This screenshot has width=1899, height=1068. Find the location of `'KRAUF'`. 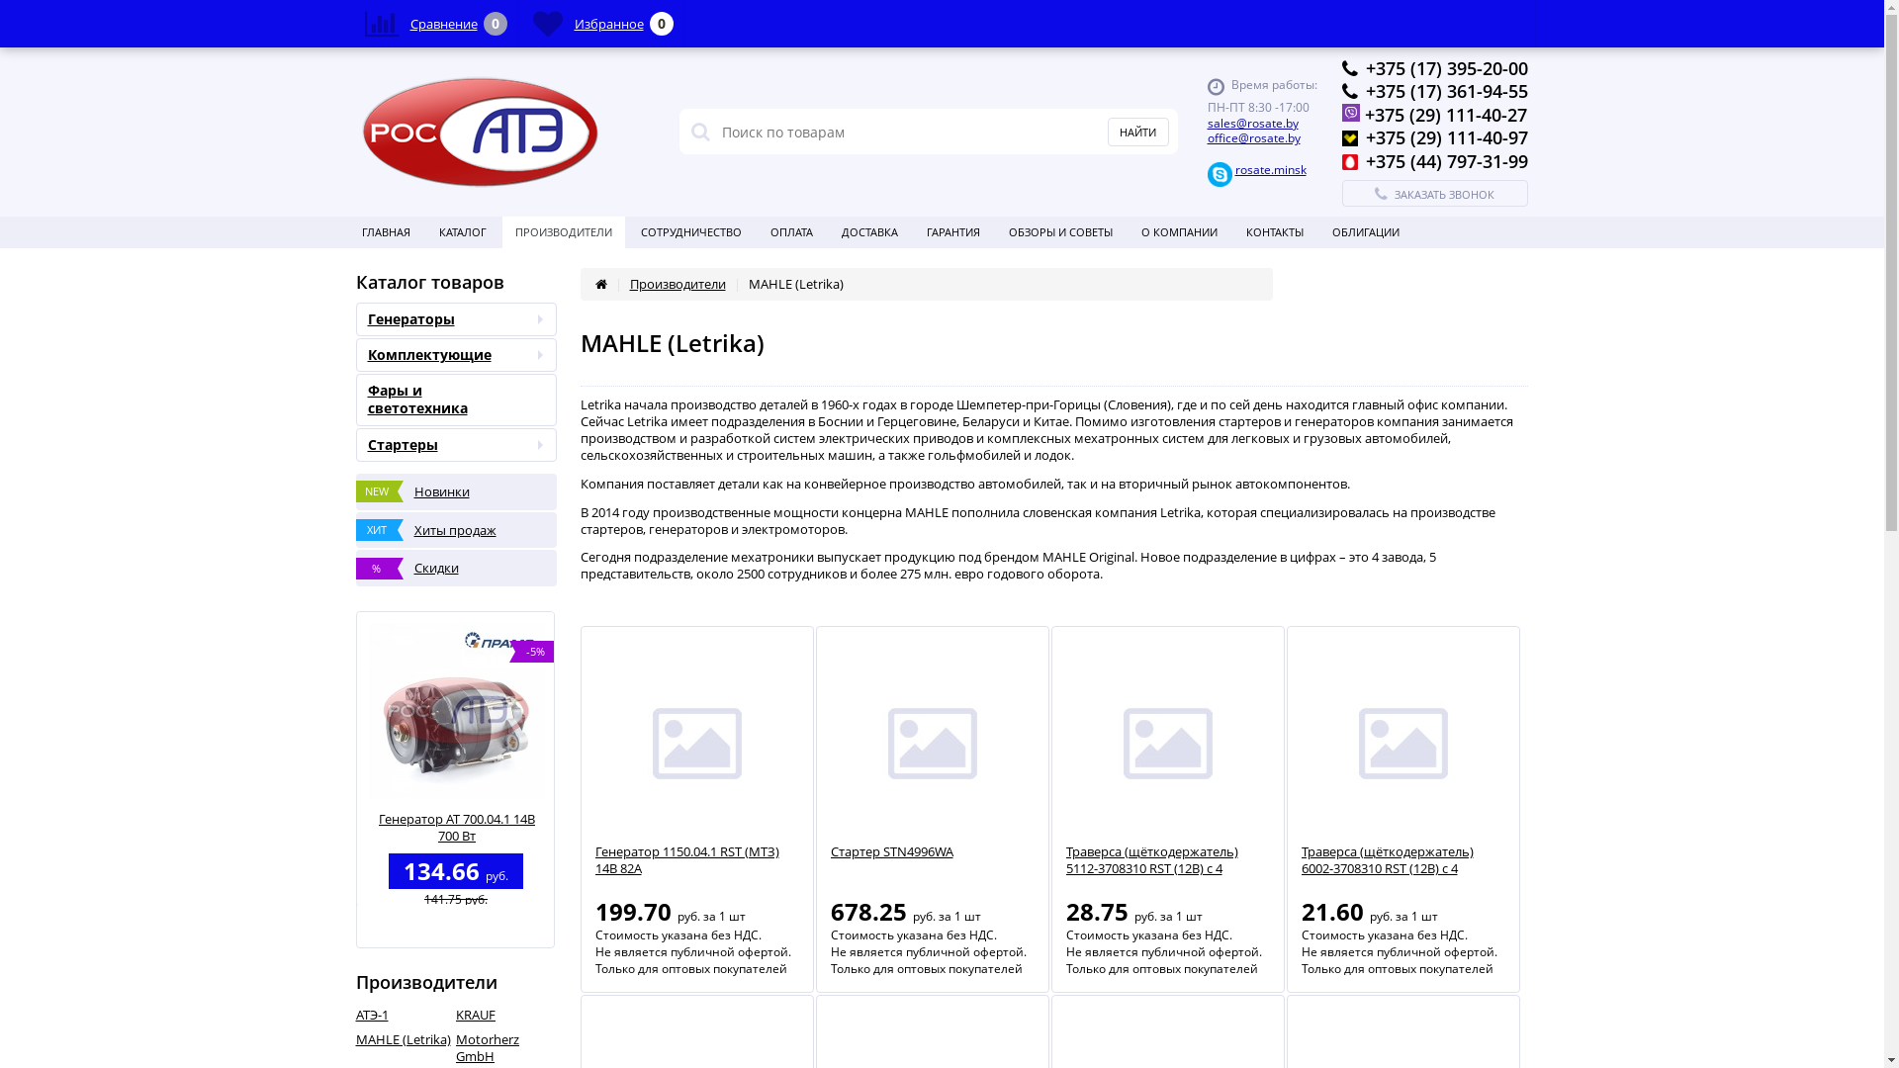

'KRAUF' is located at coordinates (506, 1015).